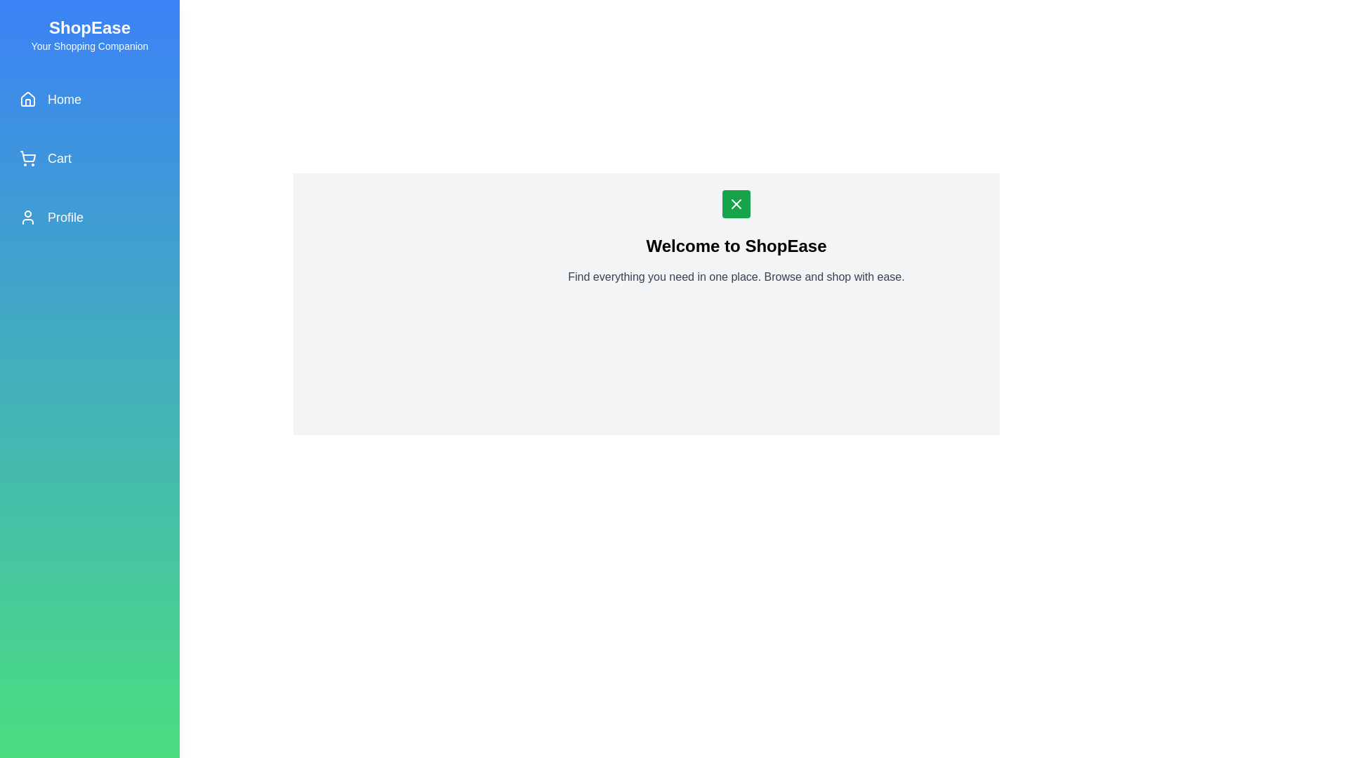 The width and height of the screenshot is (1348, 758). I want to click on text content of the informational Text block located directly below the 'Welcome to ShopEase' title text, which serves to elaborate on the purpose or features of the application, so click(736, 277).